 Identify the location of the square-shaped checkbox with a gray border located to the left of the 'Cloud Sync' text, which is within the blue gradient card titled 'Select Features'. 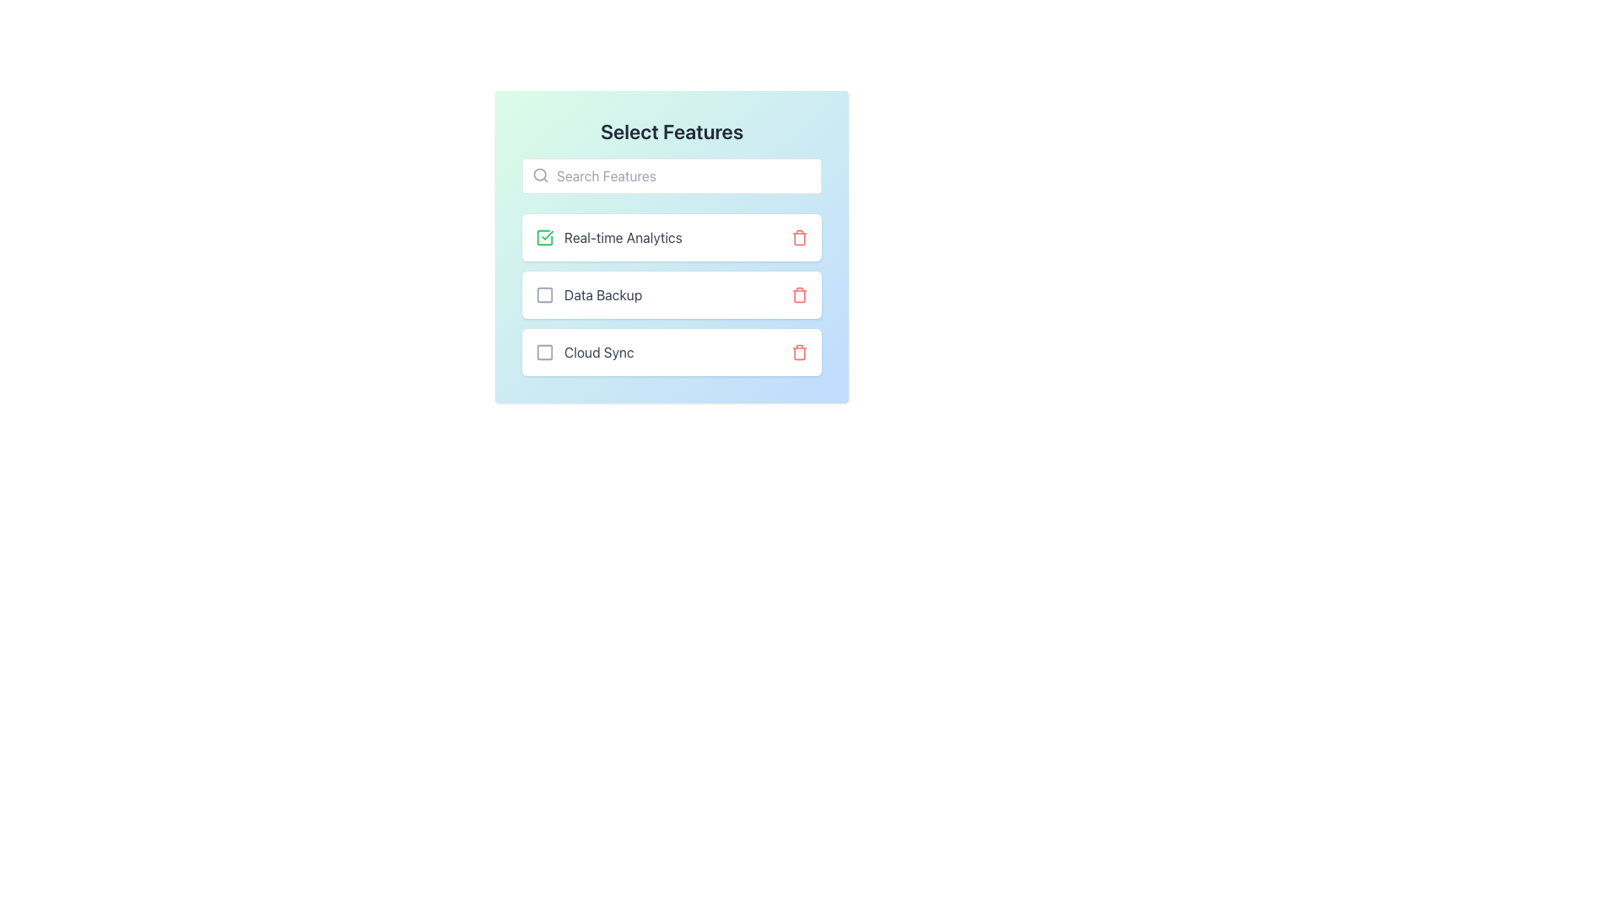
(545, 351).